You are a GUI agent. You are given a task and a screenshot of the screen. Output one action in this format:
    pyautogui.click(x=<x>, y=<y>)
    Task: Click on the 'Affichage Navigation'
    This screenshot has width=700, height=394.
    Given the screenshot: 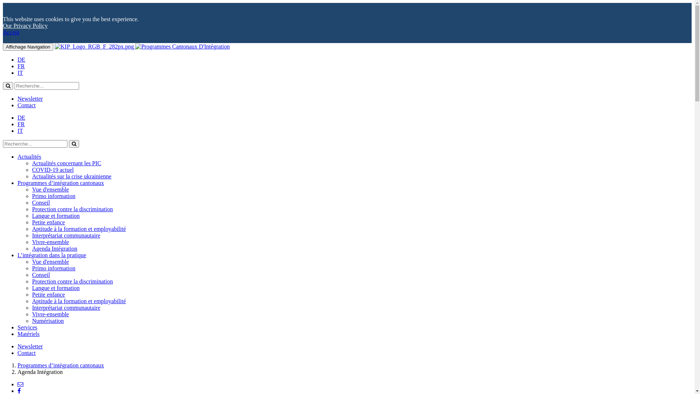 What is the action you would take?
    pyautogui.click(x=28, y=47)
    